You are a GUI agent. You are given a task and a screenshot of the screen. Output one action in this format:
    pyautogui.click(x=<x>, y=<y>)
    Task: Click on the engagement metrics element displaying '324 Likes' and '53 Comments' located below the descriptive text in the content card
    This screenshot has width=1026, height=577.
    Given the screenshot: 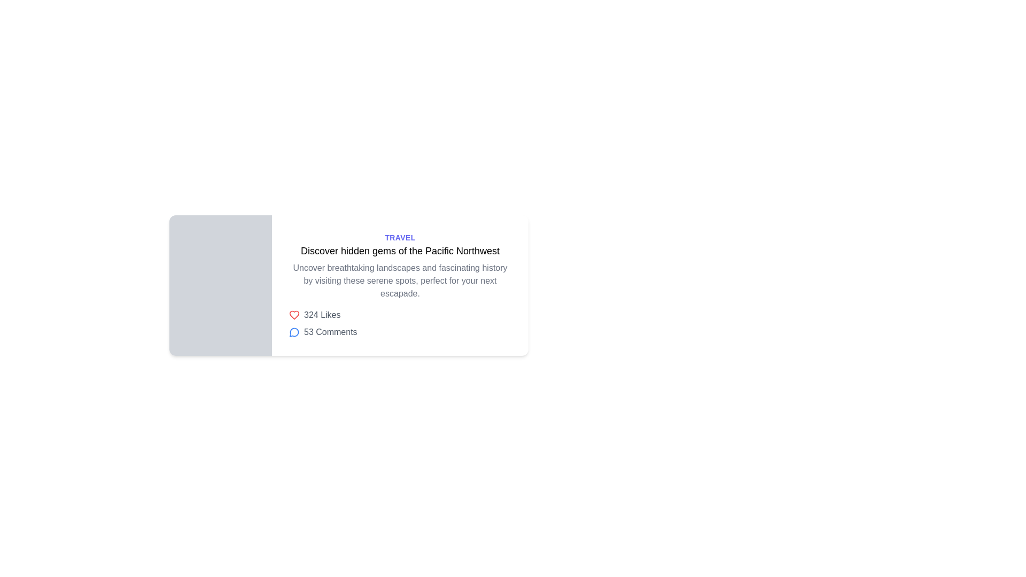 What is the action you would take?
    pyautogui.click(x=399, y=323)
    